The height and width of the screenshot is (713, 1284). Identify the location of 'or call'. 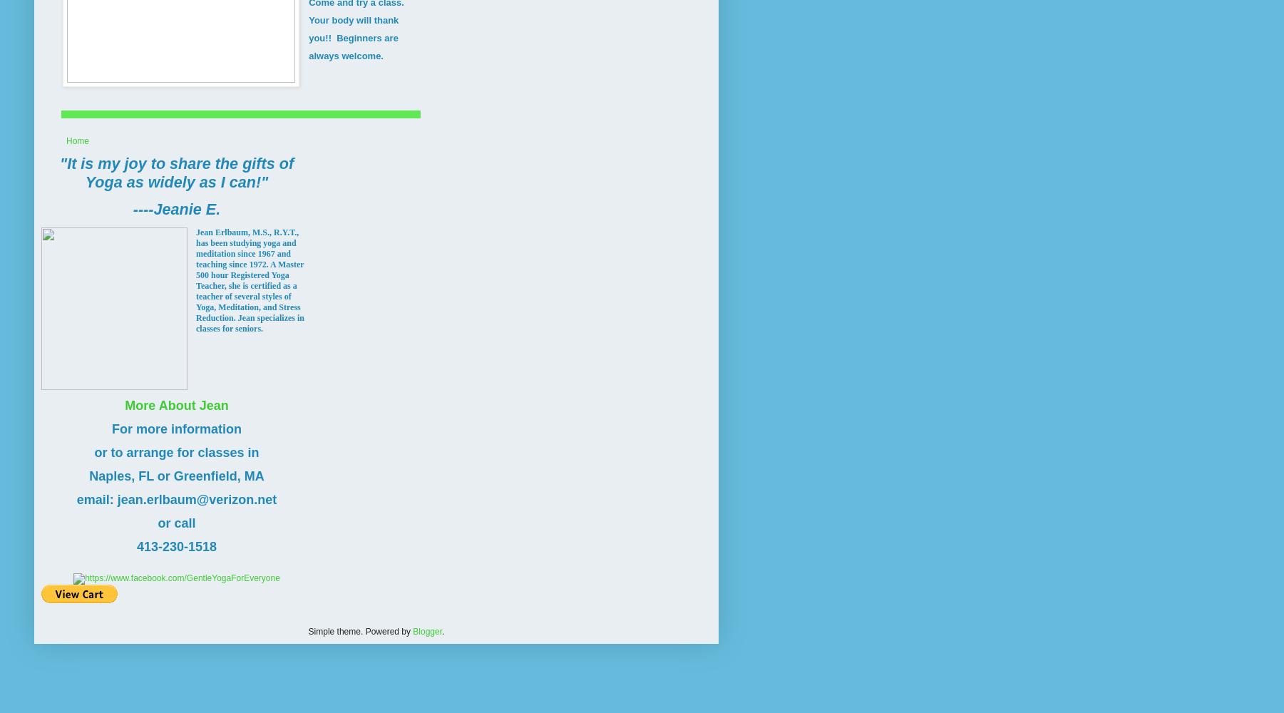
(175, 522).